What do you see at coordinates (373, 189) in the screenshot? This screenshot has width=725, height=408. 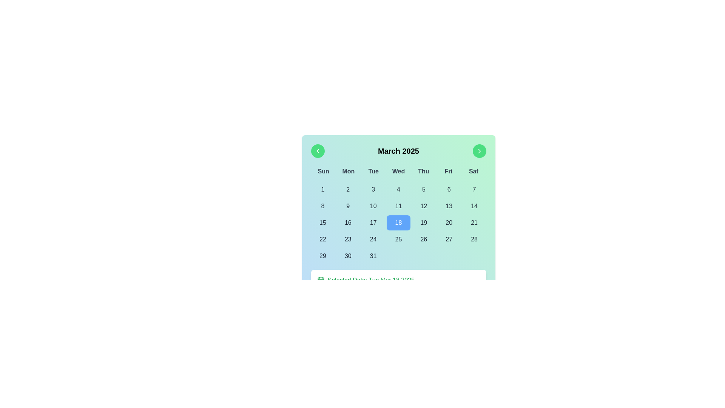 I see `the button displaying the number '3' located` at bounding box center [373, 189].